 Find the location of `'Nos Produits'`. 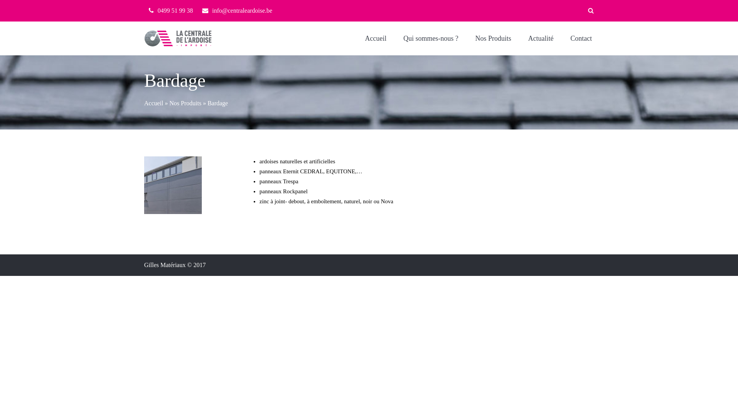

'Nos Produits' is located at coordinates (185, 103).